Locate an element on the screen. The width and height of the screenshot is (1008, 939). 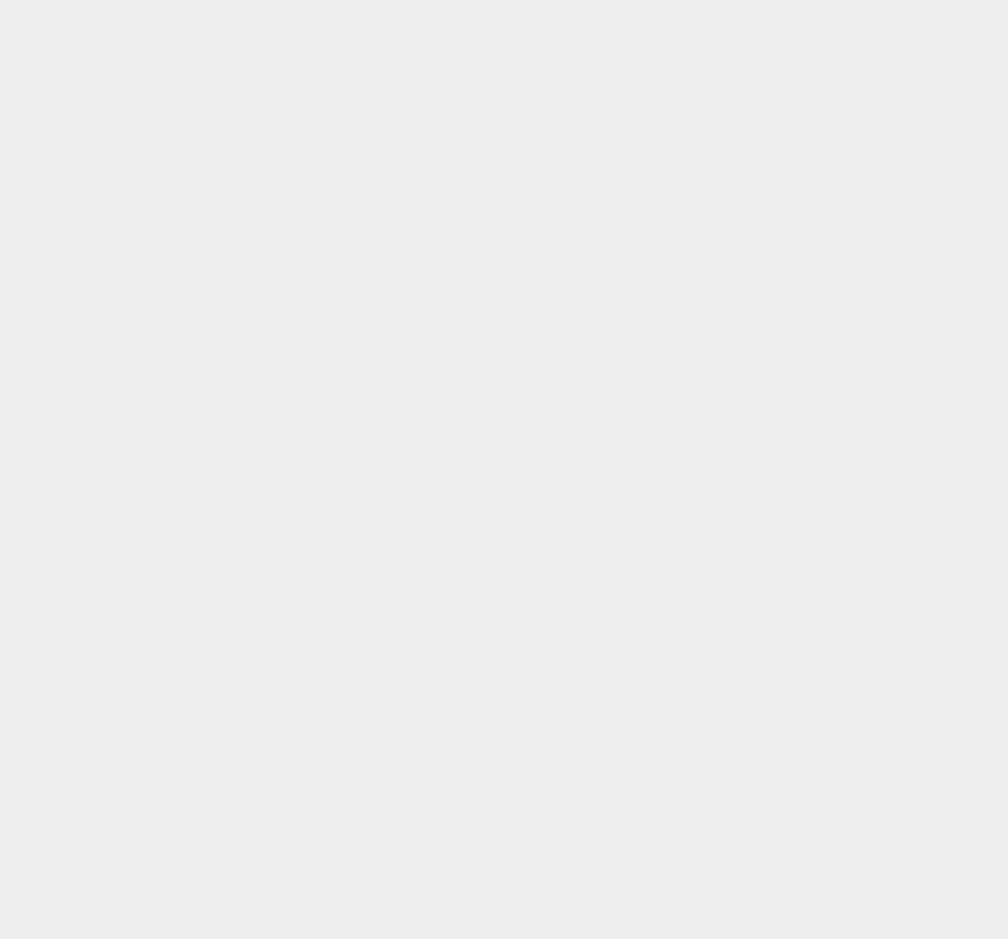
'Google Apps' is located at coordinates (746, 225).